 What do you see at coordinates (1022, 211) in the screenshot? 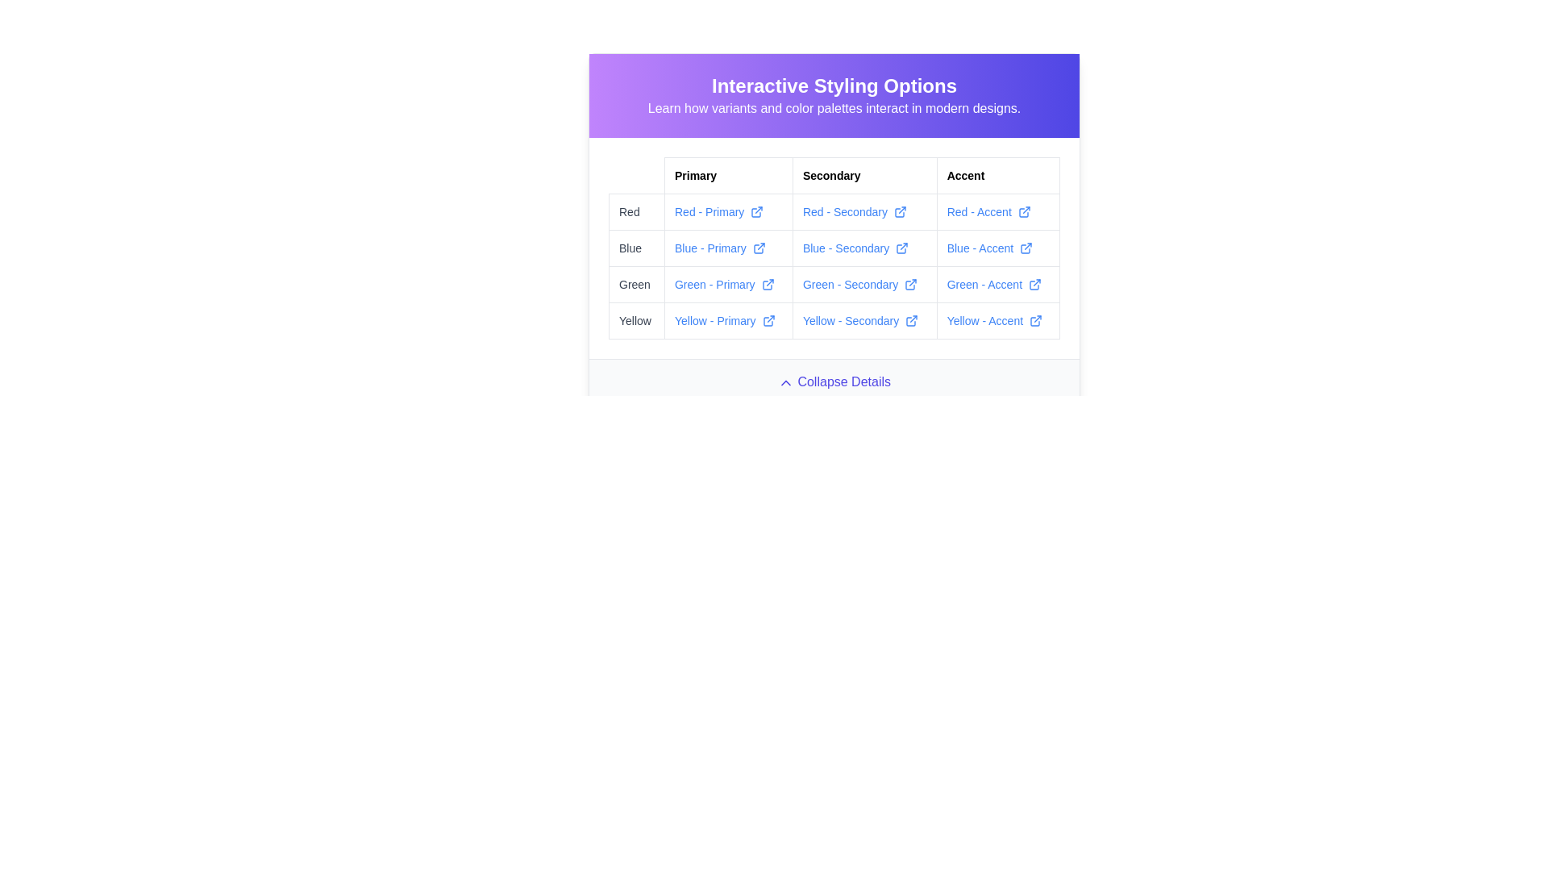
I see `the external link icon, which is a small, minimalistic SVG element located to the right of the 'Red - Accent' text in the Accent column of the table` at bounding box center [1022, 211].